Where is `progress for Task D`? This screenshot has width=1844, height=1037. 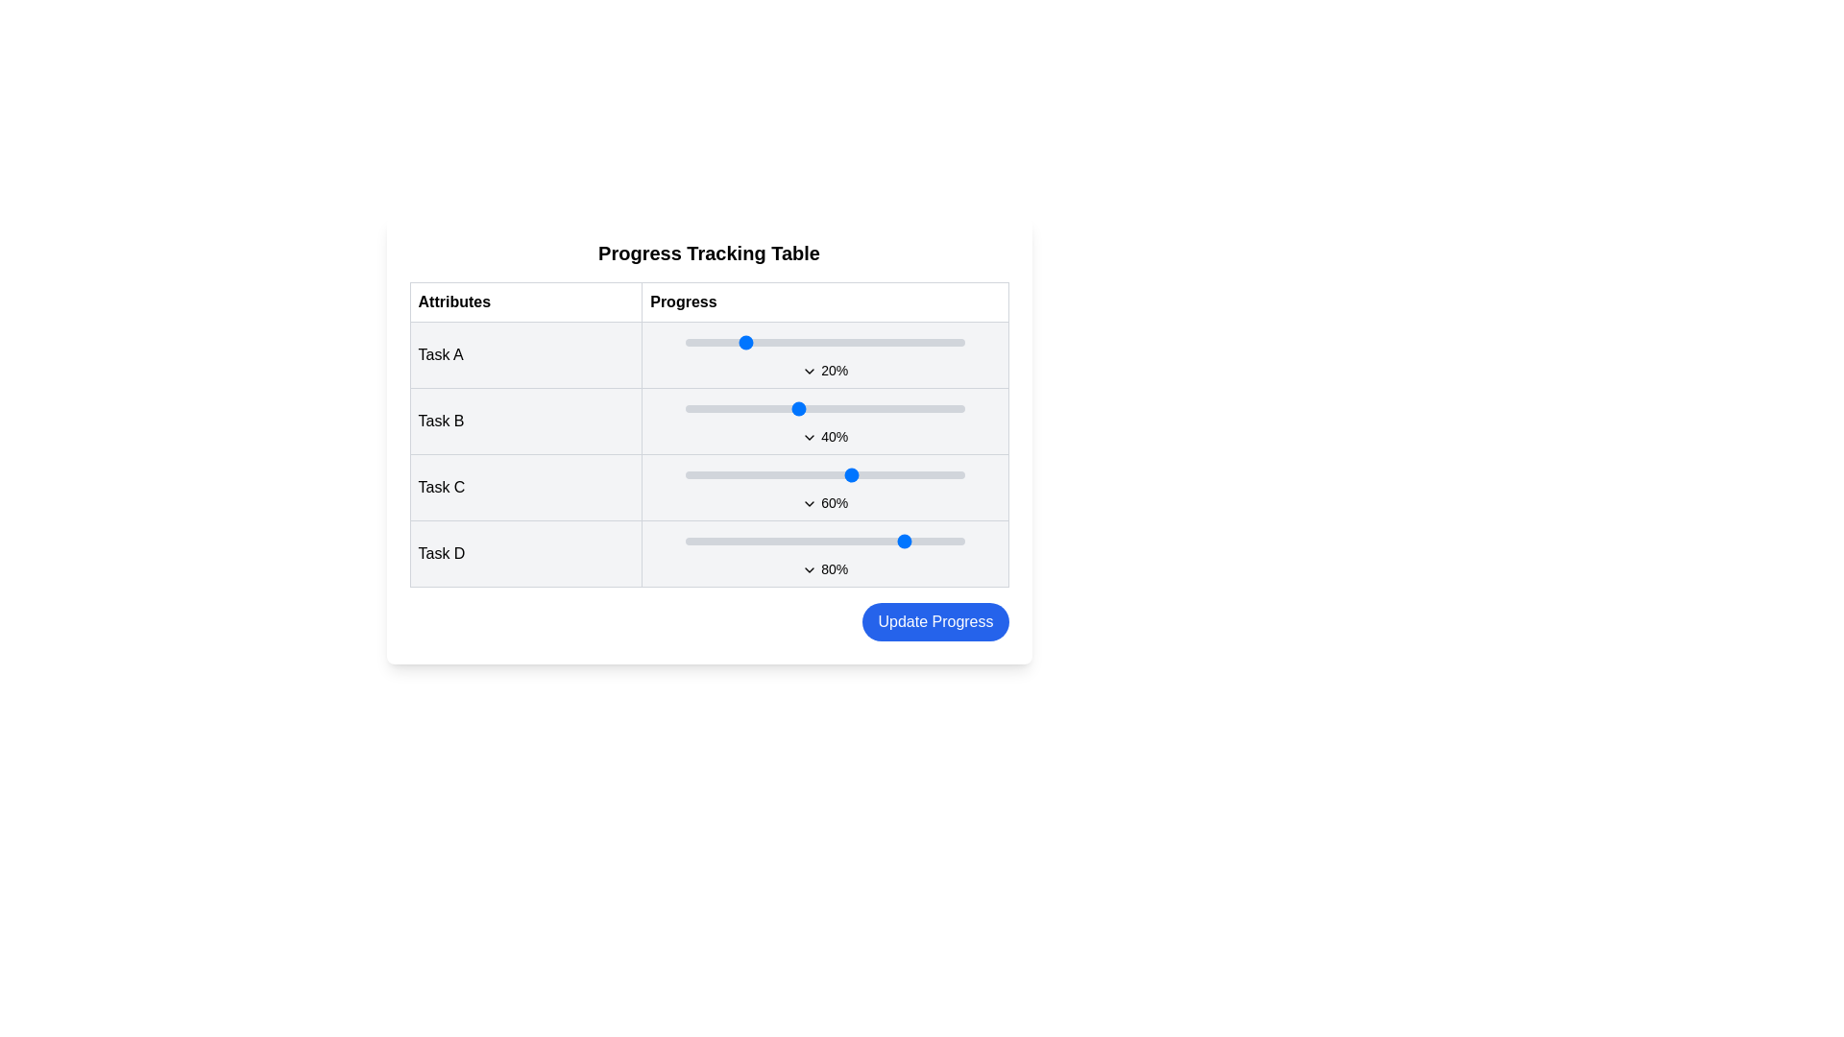 progress for Task D is located at coordinates (740, 541).